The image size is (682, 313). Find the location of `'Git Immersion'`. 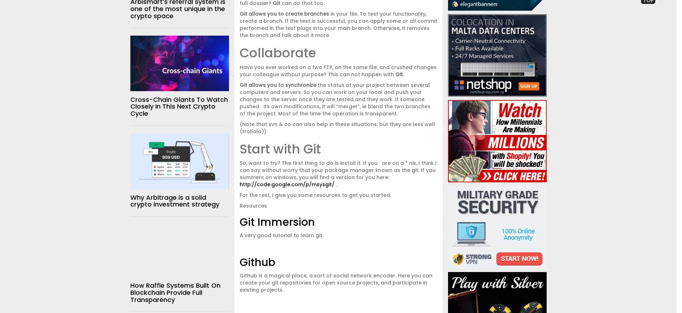

'Git Immersion' is located at coordinates (276, 222).